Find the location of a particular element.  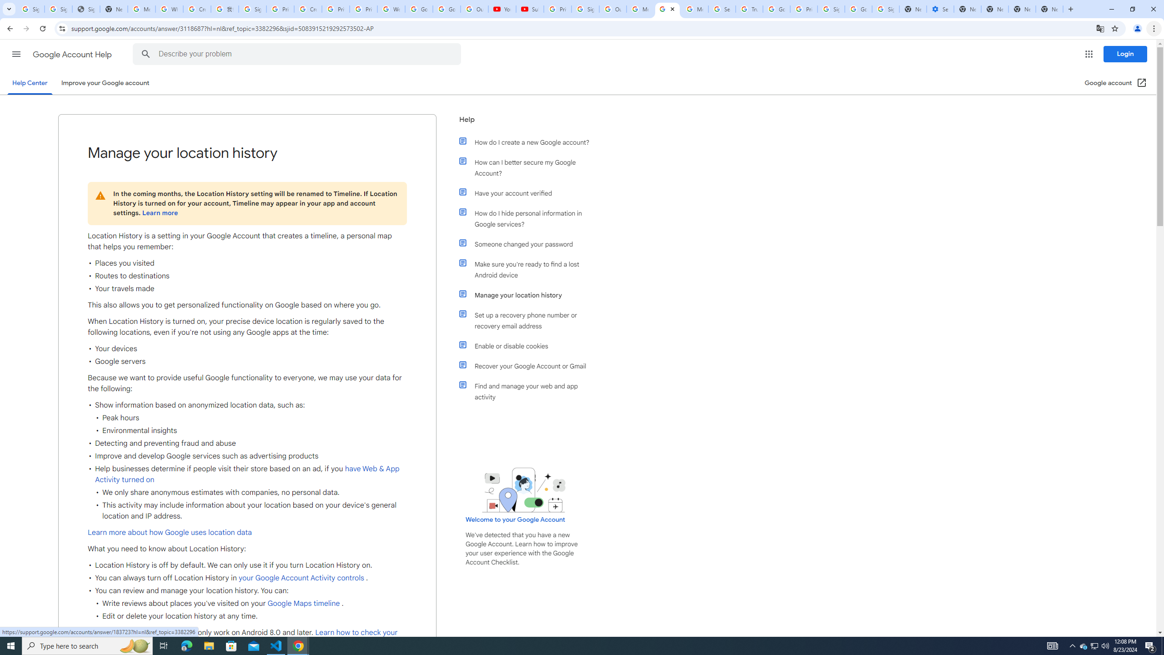

'Describe your problem' is located at coordinates (298, 54).